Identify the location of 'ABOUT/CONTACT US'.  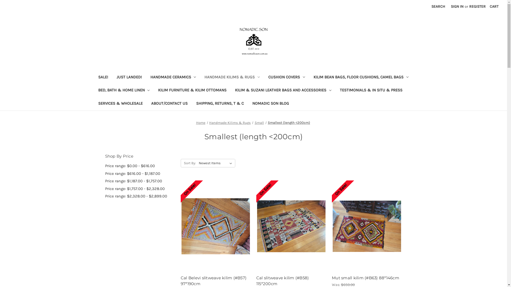
(169, 104).